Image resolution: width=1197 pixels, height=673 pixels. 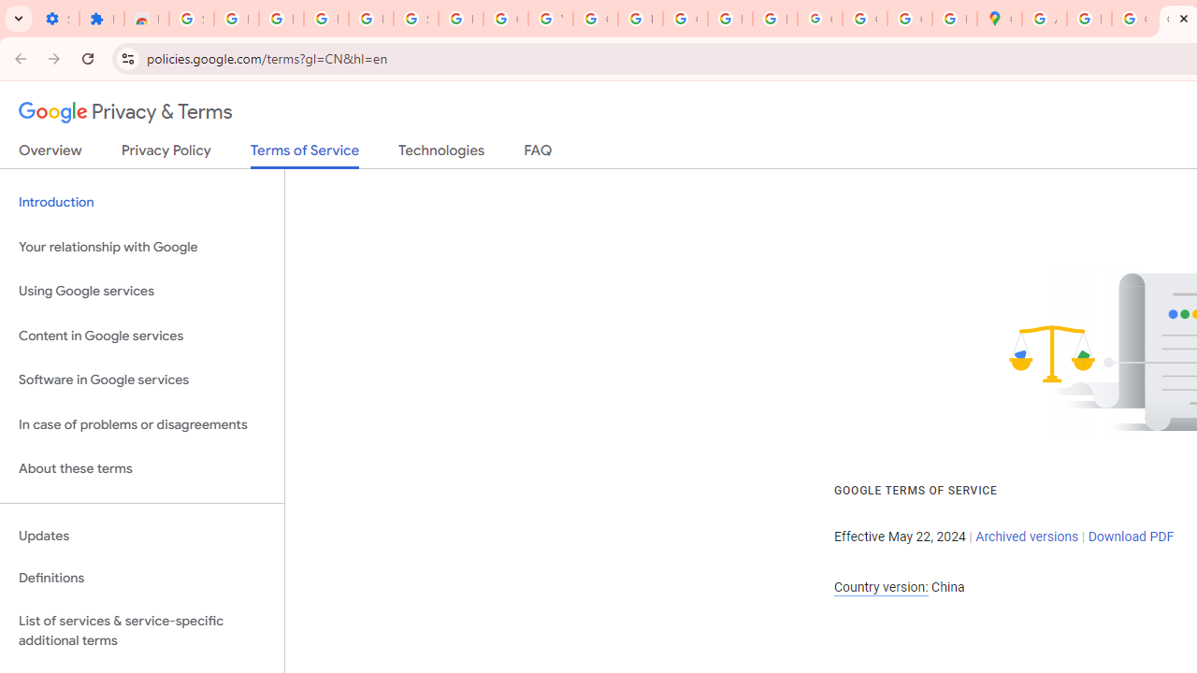 I want to click on 'YouTube', so click(x=549, y=19).